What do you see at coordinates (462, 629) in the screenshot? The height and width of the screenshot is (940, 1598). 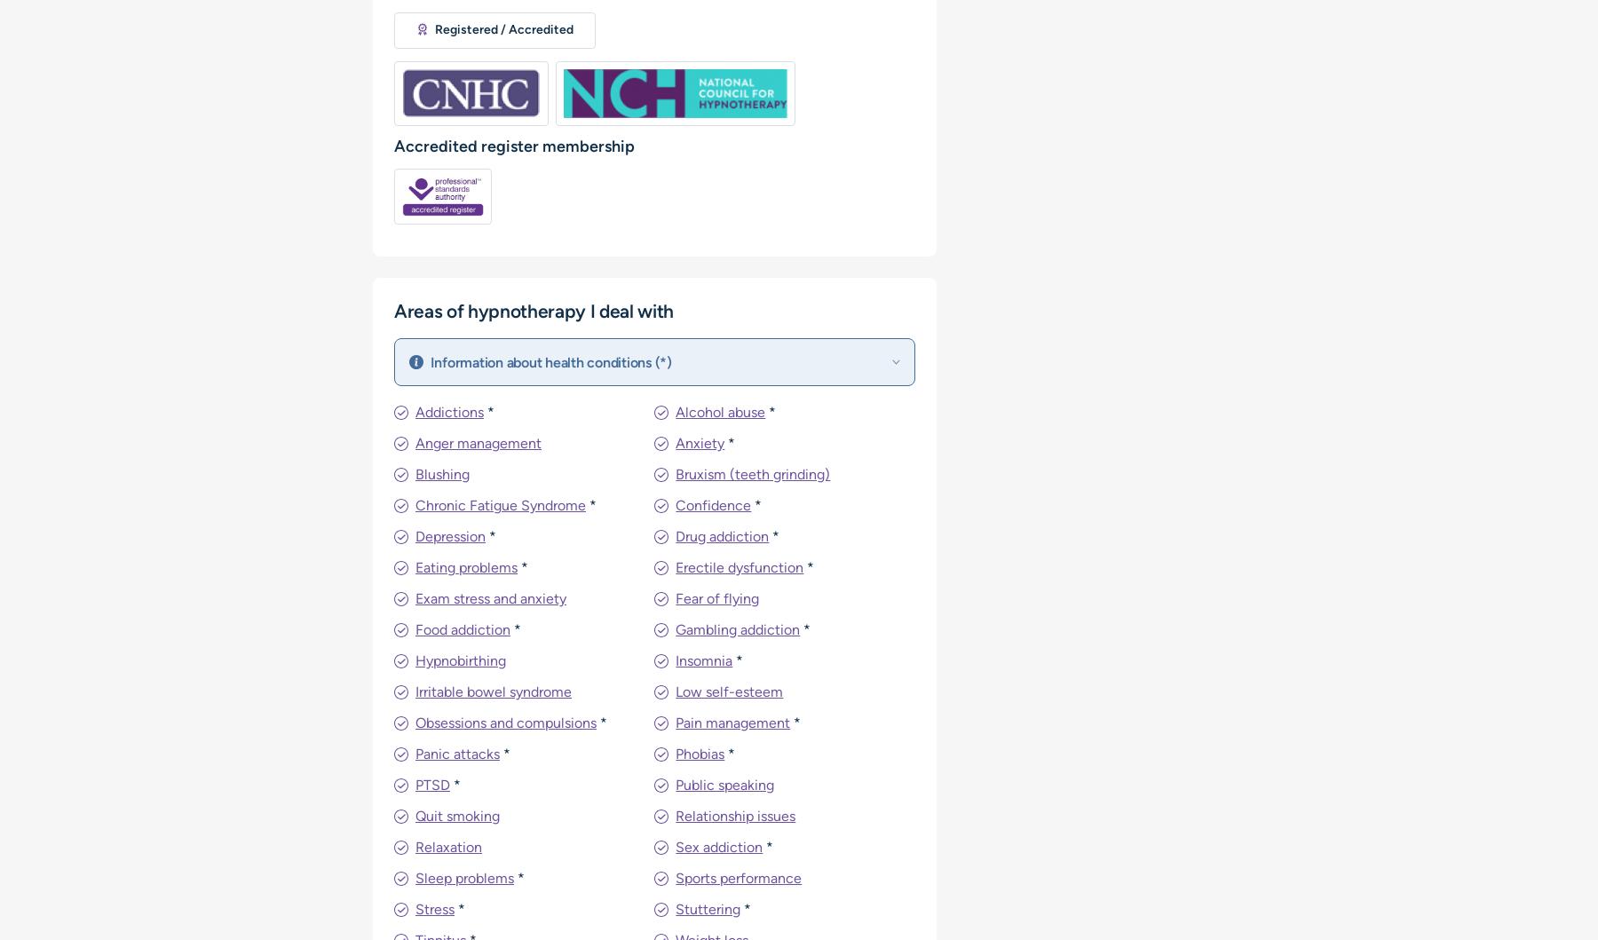 I see `'Food addiction'` at bounding box center [462, 629].